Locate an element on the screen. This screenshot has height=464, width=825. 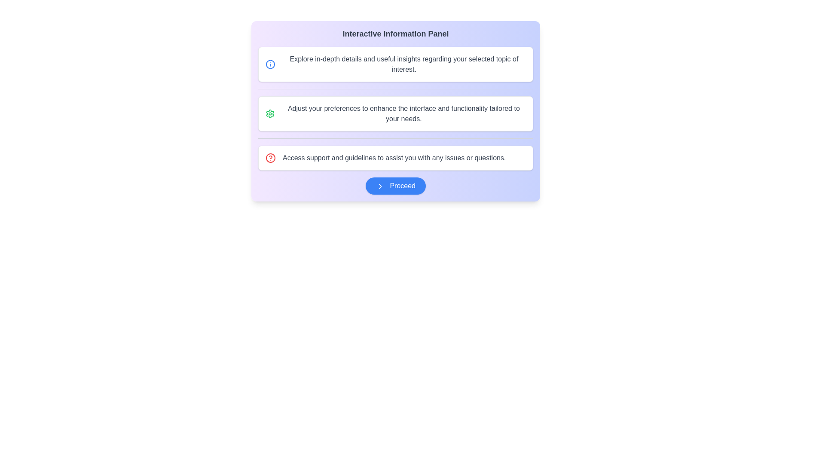
the help icon located at the left side of the bottom card in the 'Interactive Information Panel', which indicates access to support resources is located at coordinates (270, 158).